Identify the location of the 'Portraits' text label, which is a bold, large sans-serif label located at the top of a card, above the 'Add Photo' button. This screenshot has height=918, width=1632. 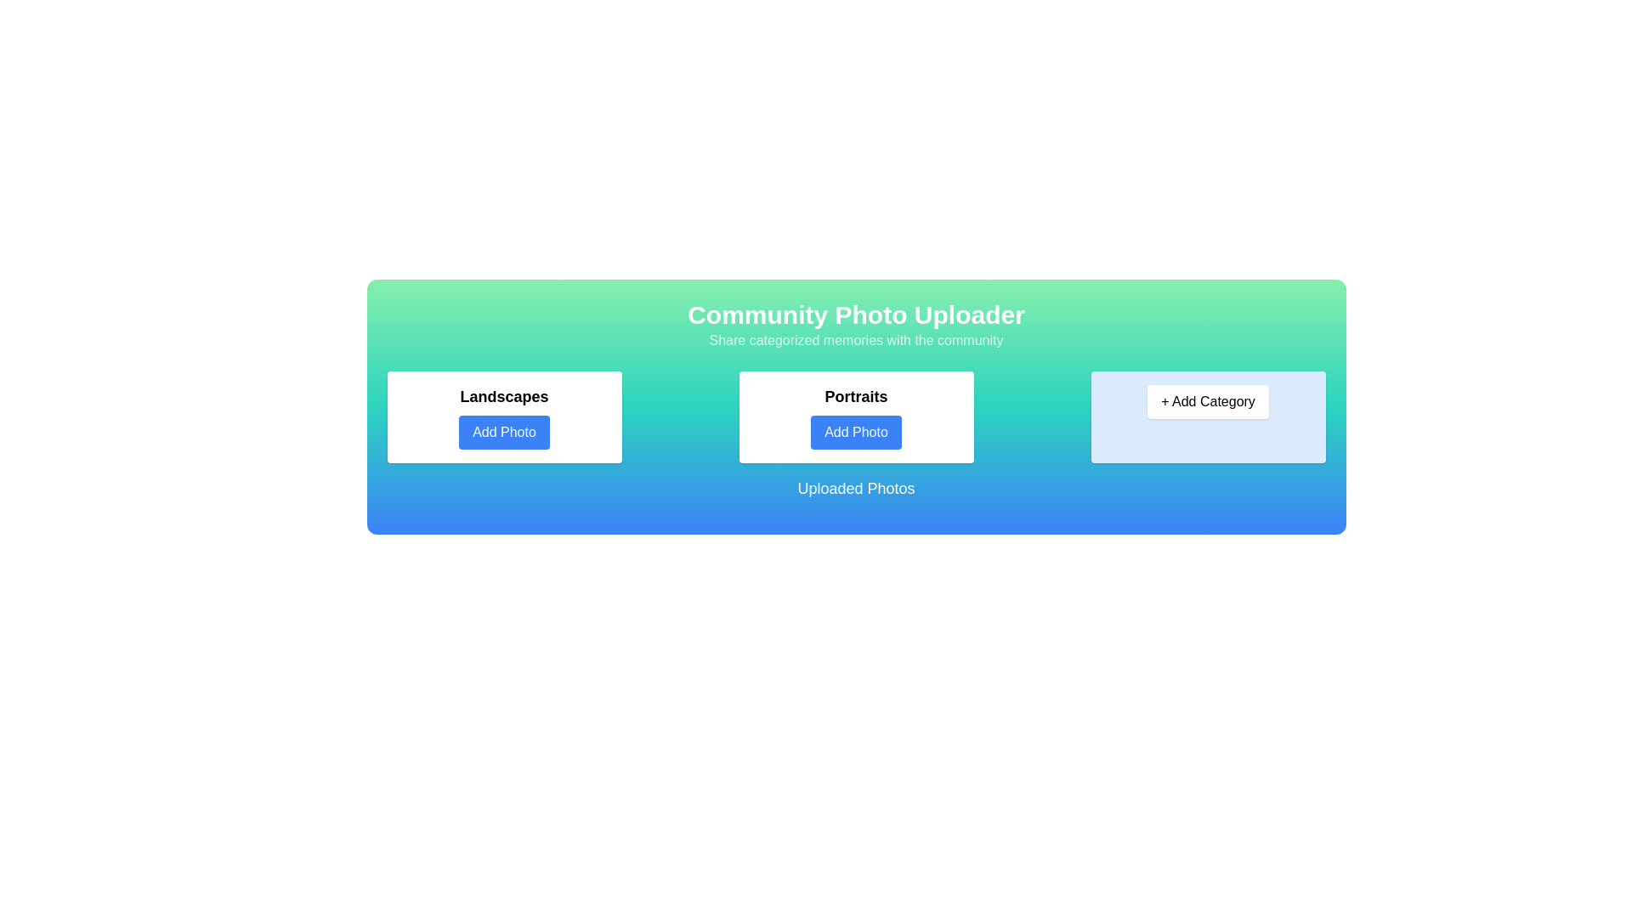
(856, 396).